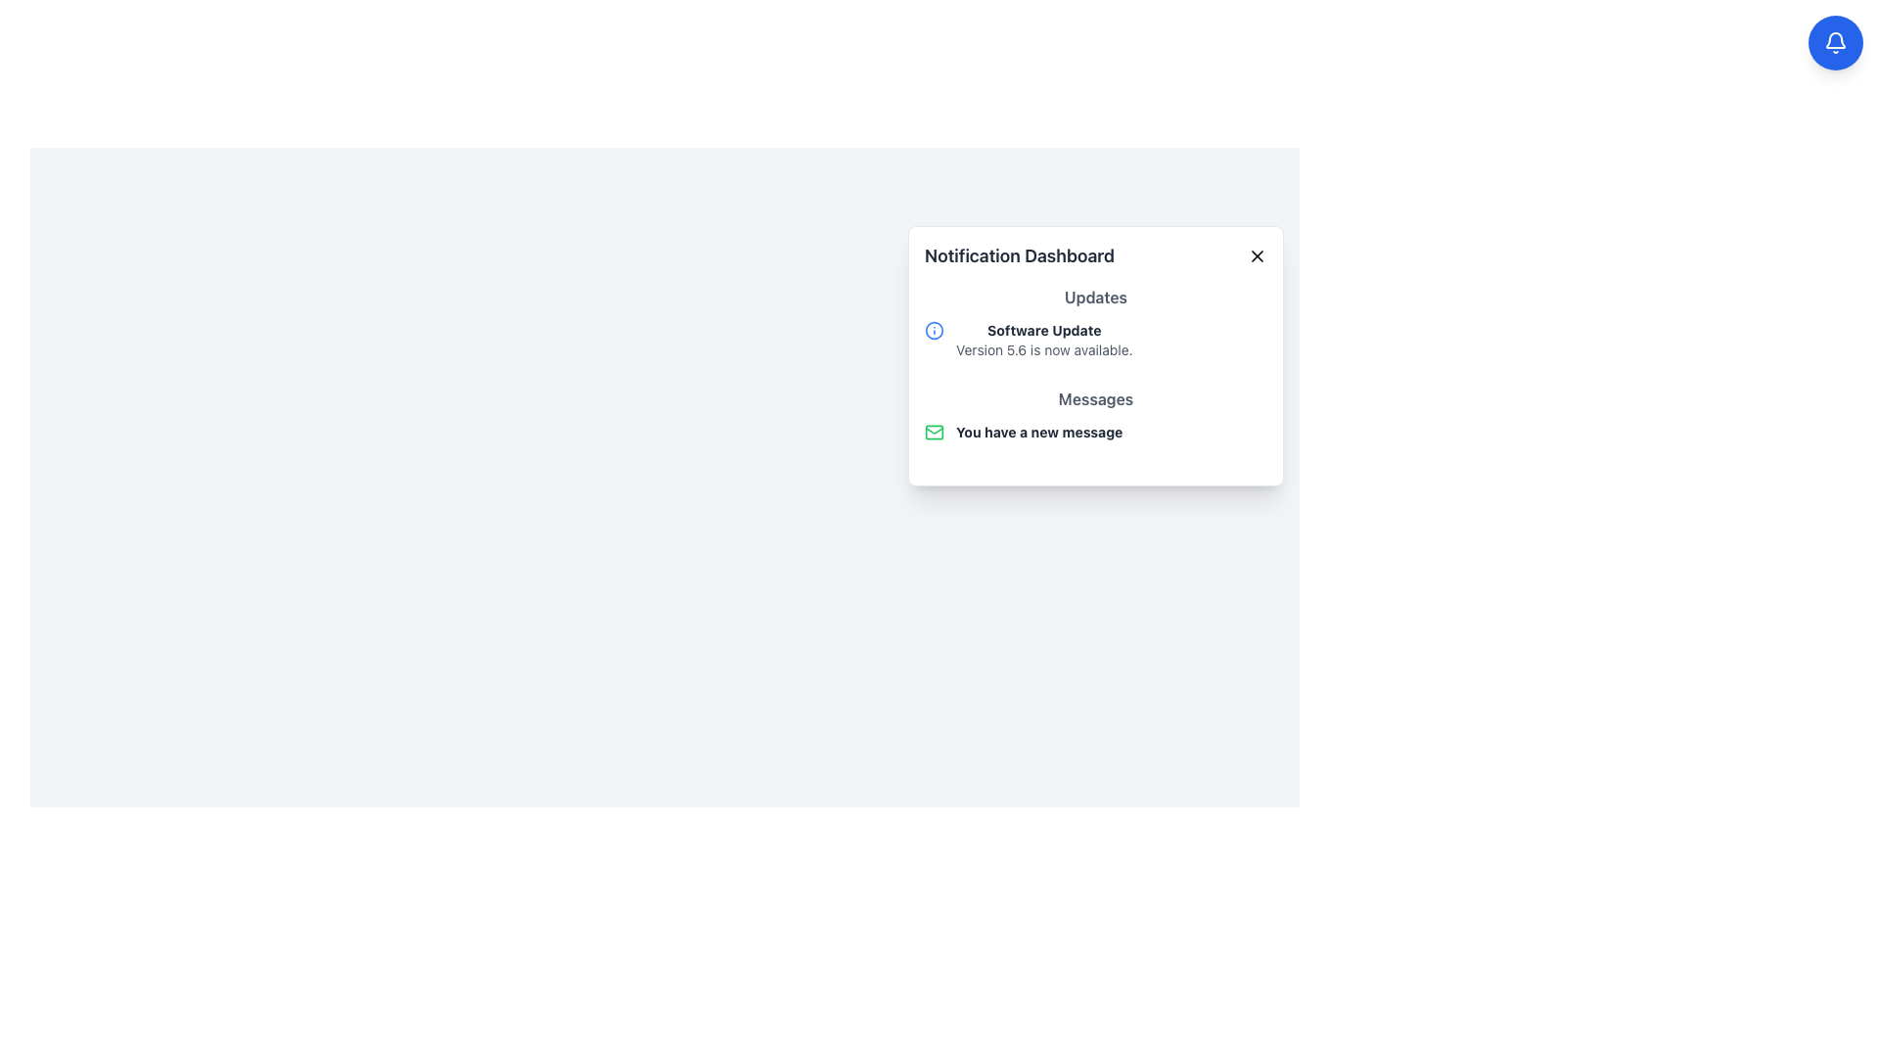  Describe the element at coordinates (1094, 255) in the screenshot. I see `text from the 'Notification Dashboard' label, which is prominently displayed at the top of the notification menu` at that location.